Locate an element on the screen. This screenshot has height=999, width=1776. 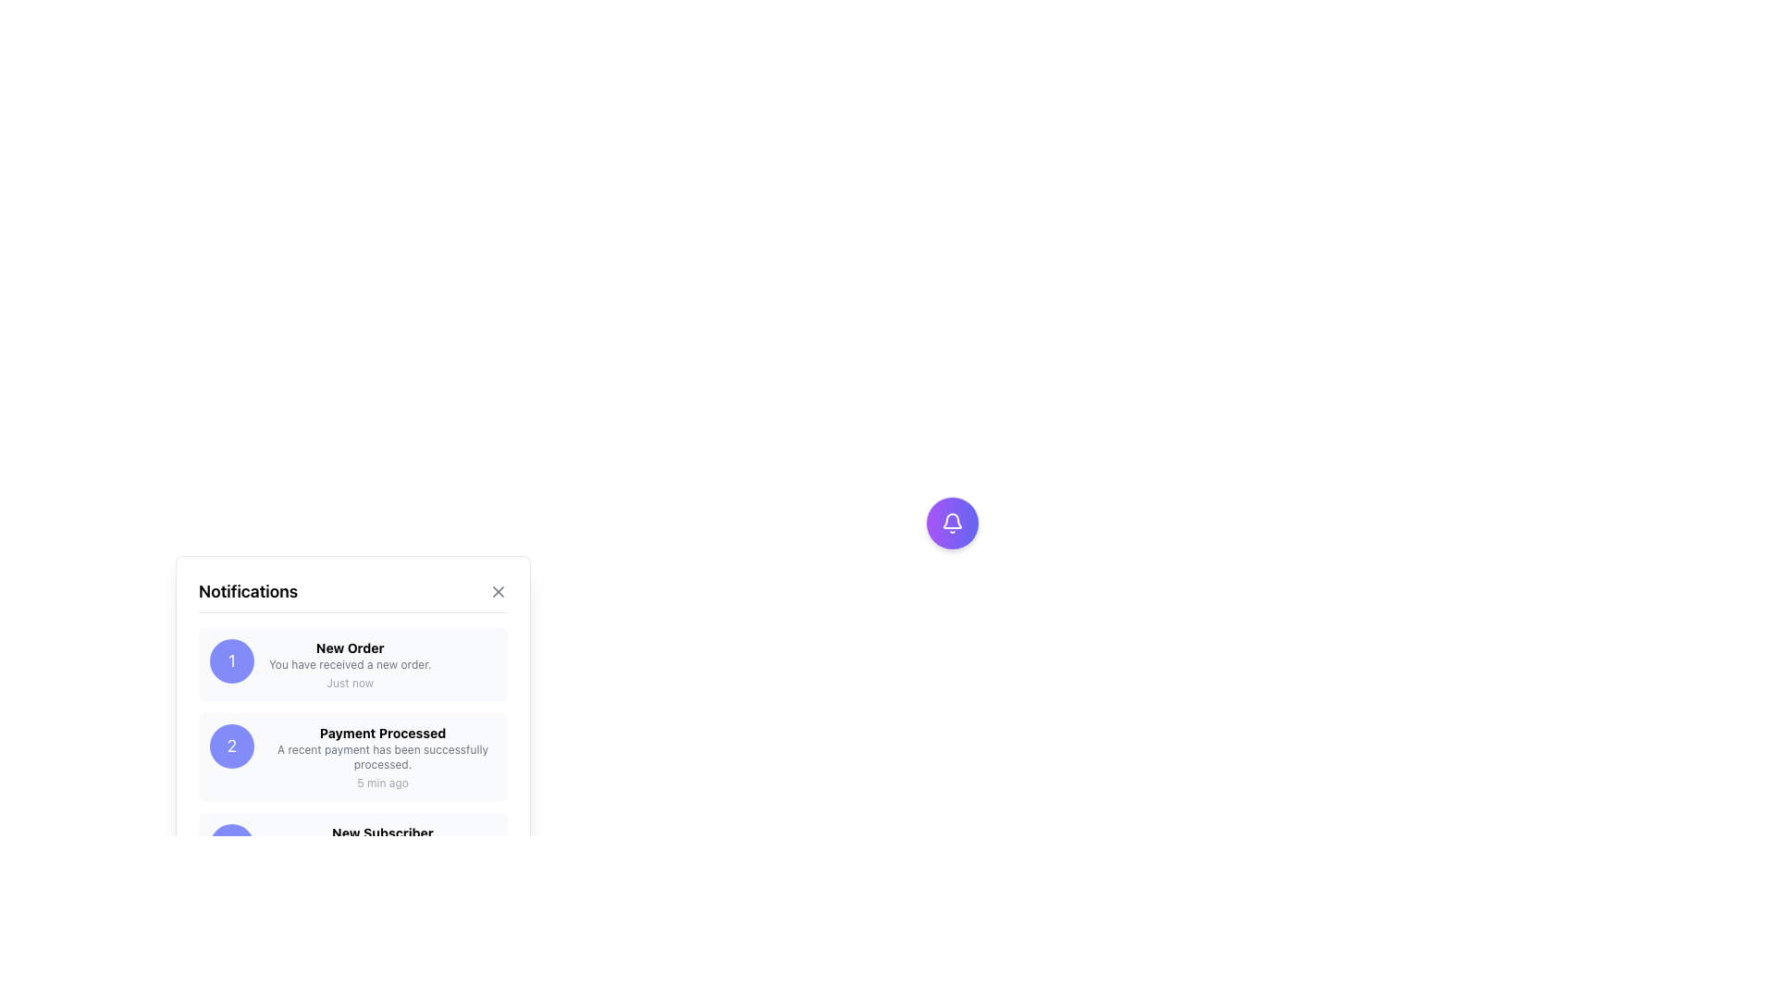
the close button located in the top-right corner of the notification panel is located at coordinates (498, 592).